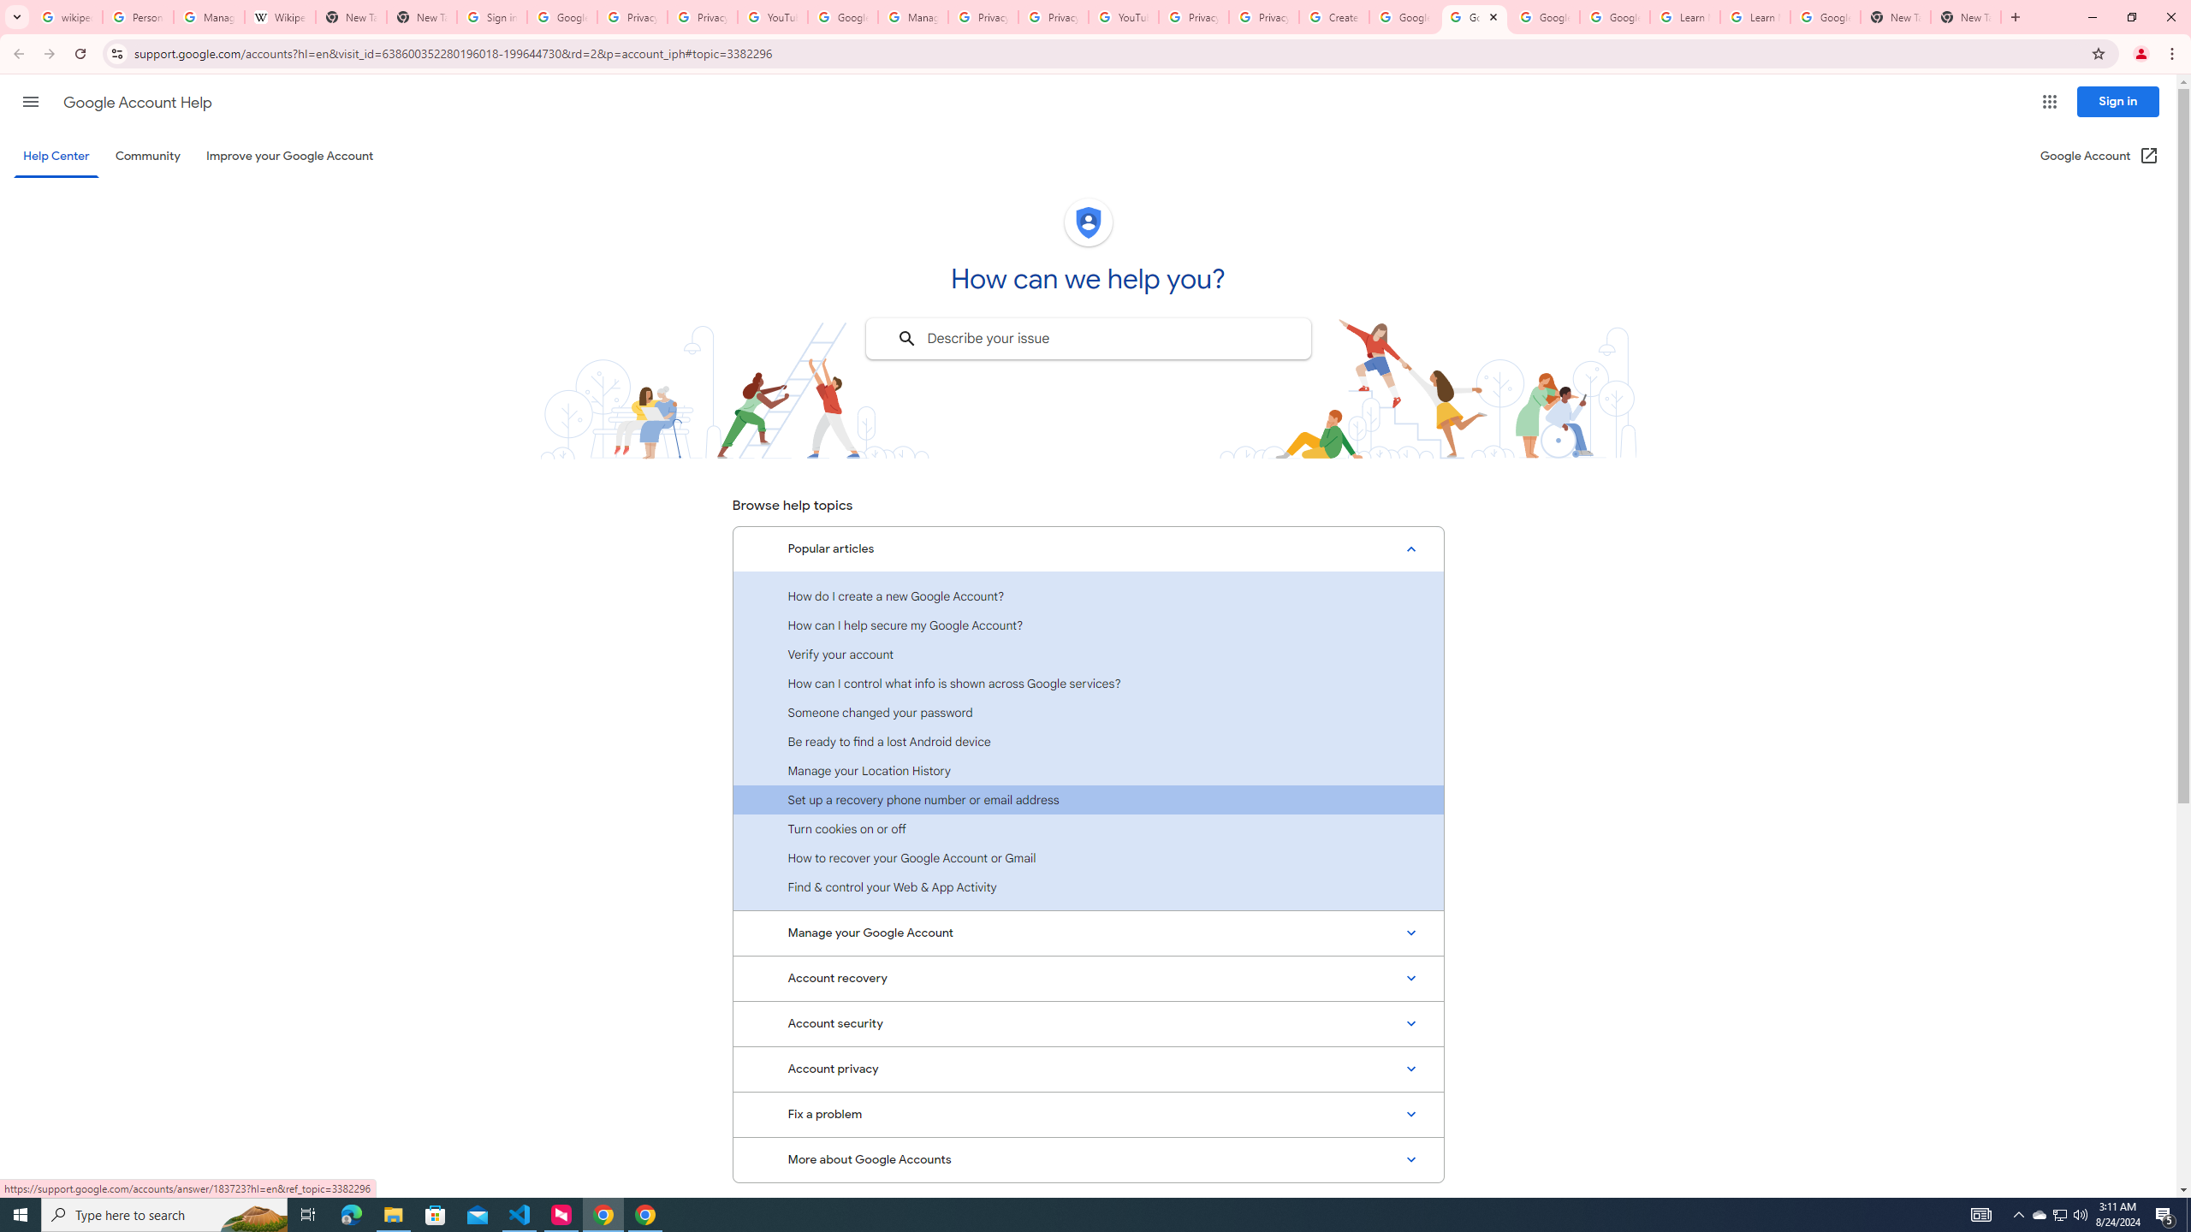  I want to click on 'Sign in - Google Accounts', so click(491, 16).